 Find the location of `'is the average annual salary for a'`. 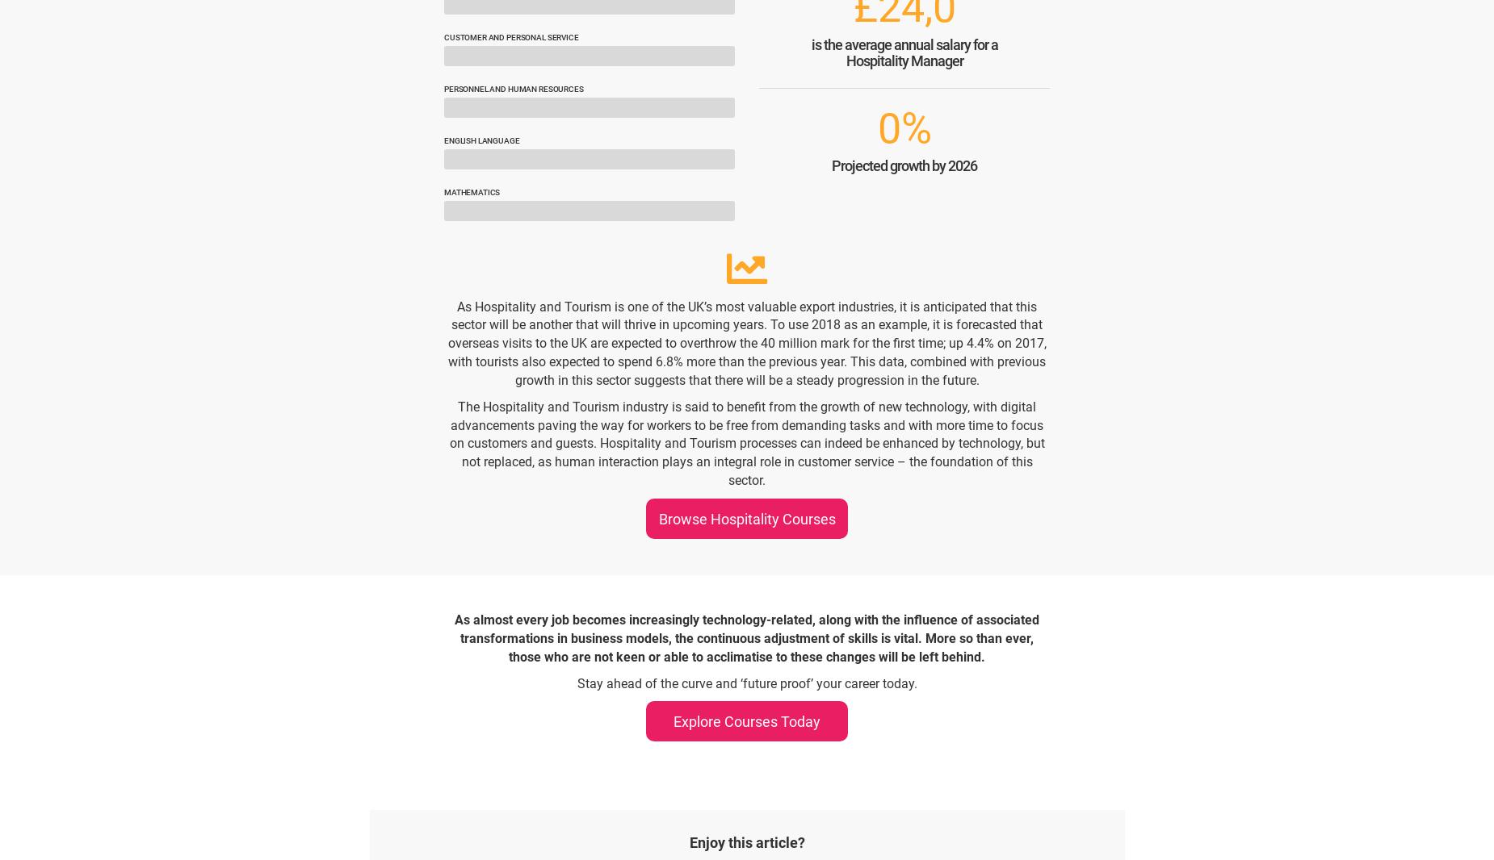

'is the average annual salary for a' is located at coordinates (809, 43).